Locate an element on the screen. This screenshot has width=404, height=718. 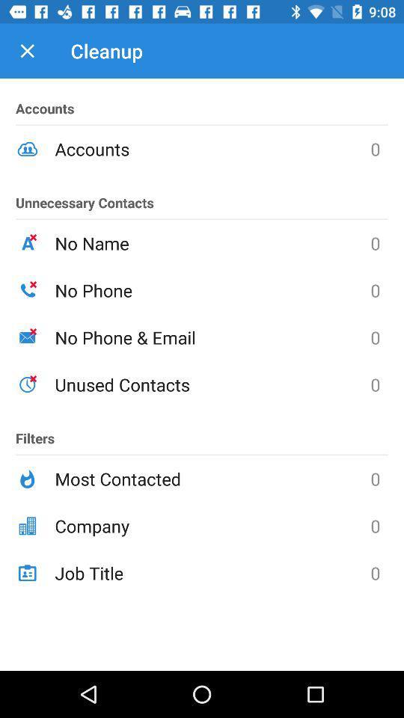
icon next to filters is located at coordinates (212, 384).